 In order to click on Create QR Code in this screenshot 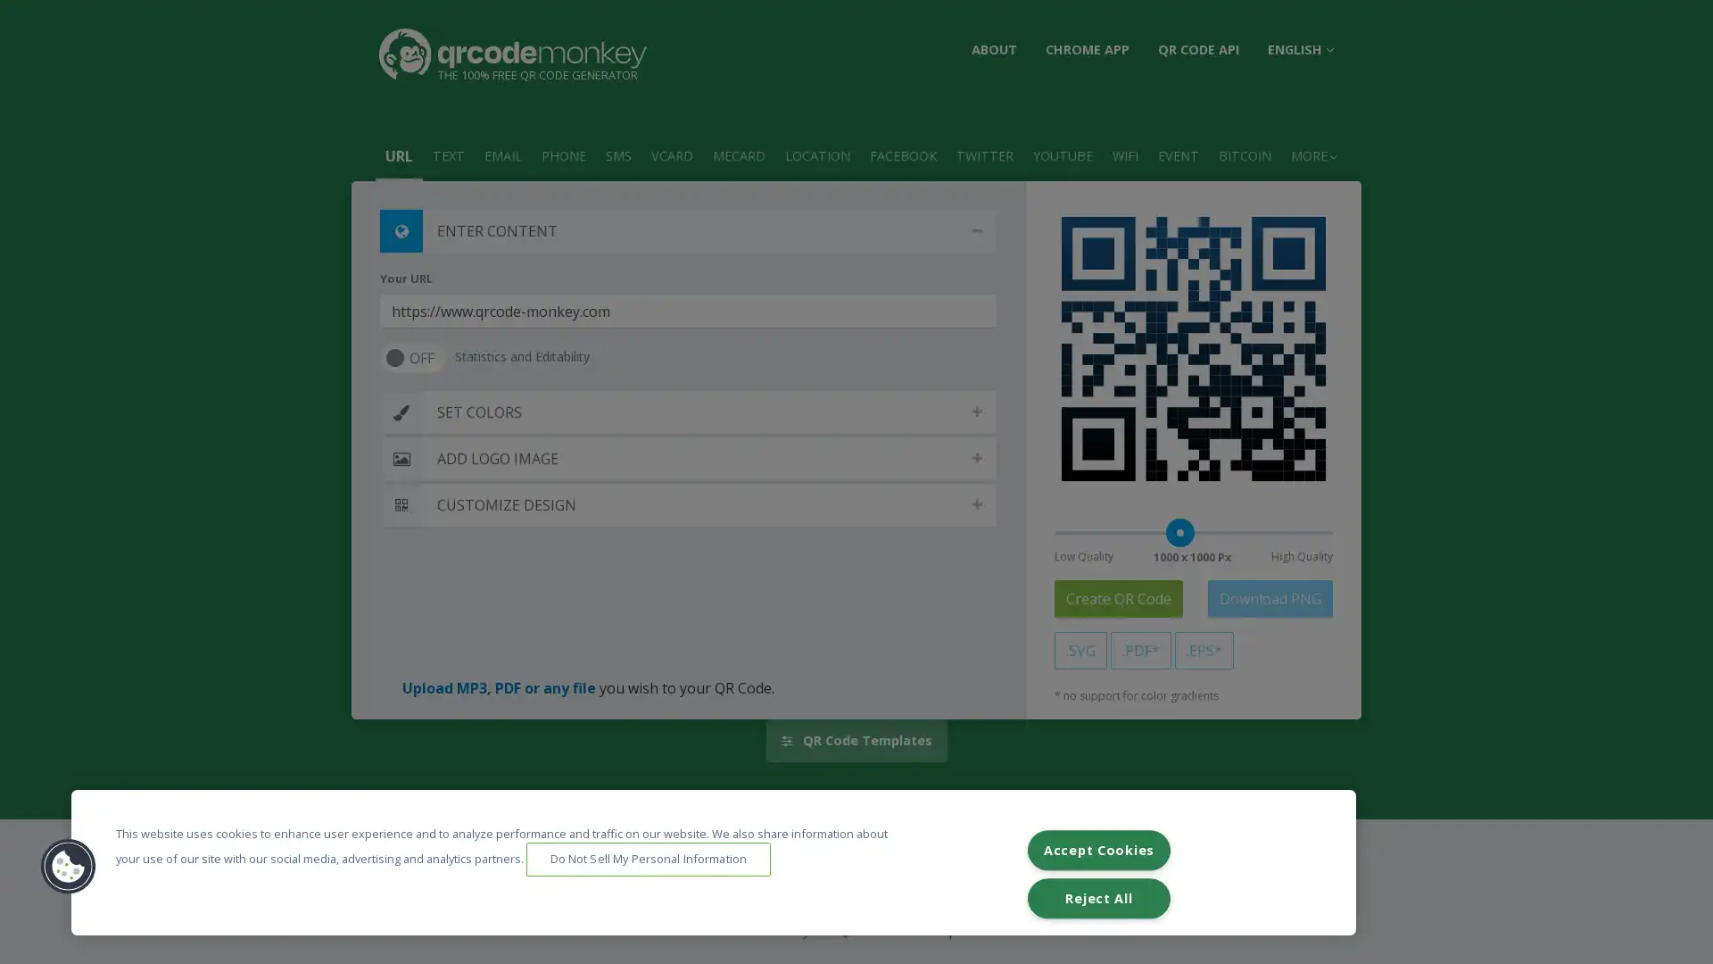, I will do `click(1116, 599)`.